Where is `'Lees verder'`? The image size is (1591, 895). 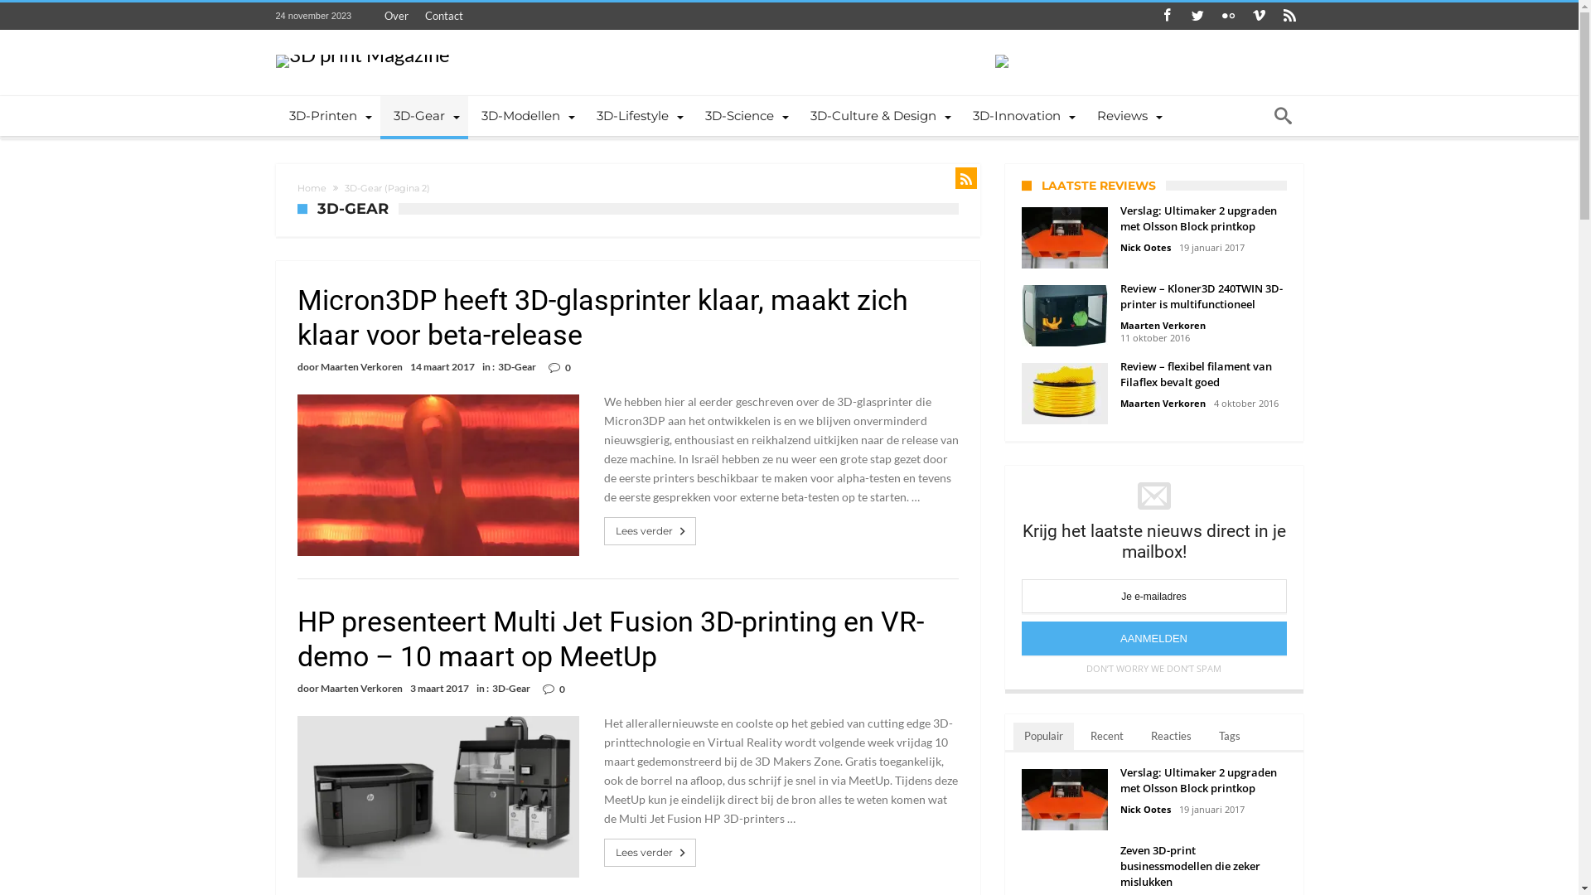 'Lees verder' is located at coordinates (650, 853).